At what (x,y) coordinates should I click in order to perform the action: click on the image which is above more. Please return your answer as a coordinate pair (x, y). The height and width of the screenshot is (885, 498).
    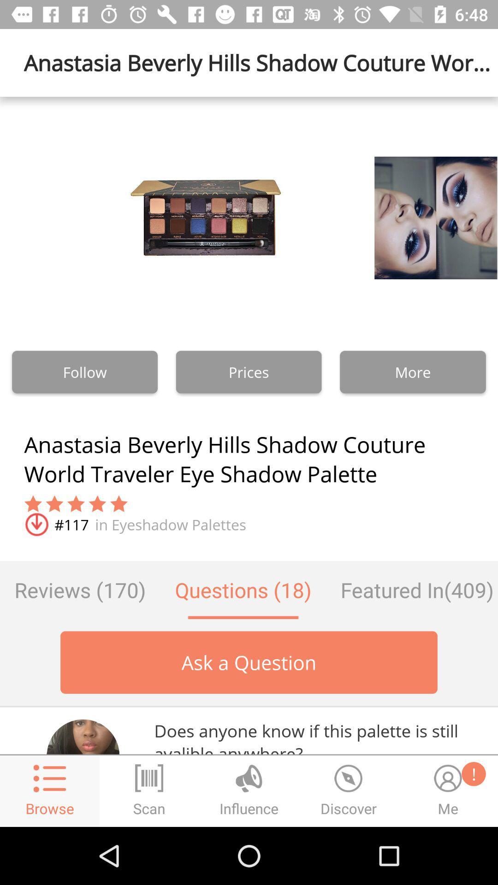
    Looking at the image, I should click on (412, 217).